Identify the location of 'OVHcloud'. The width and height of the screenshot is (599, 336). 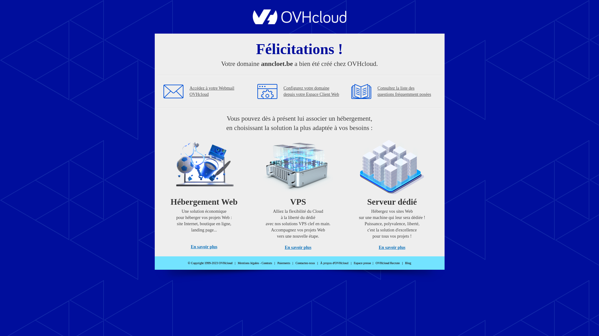
(299, 22).